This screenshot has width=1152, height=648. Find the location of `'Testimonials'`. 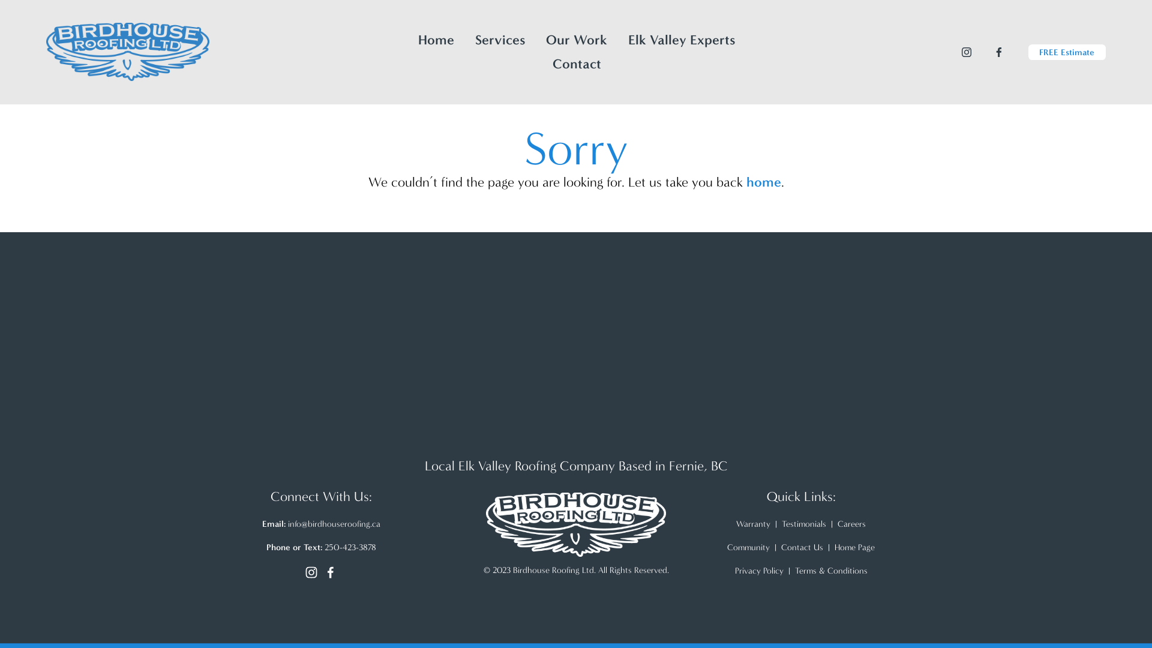

'Testimonials' is located at coordinates (803, 523).